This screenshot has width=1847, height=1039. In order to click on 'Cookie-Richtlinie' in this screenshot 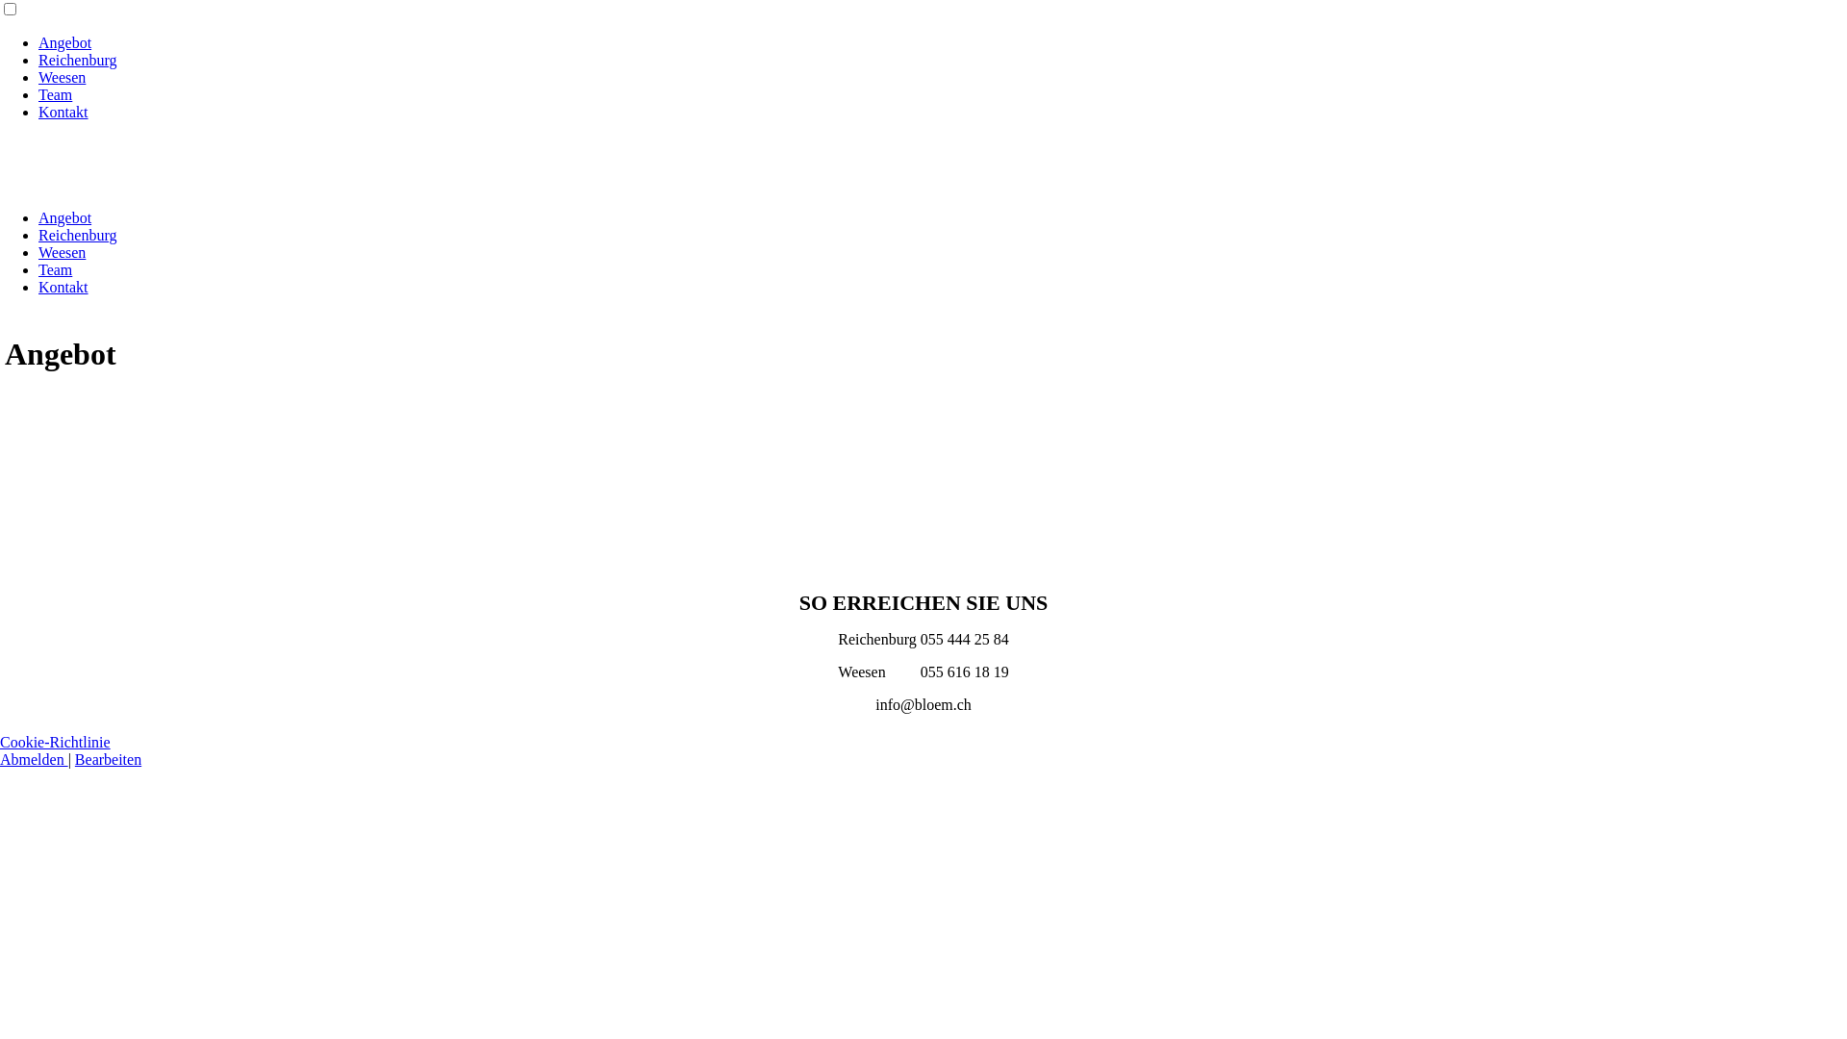, I will do `click(55, 741)`.